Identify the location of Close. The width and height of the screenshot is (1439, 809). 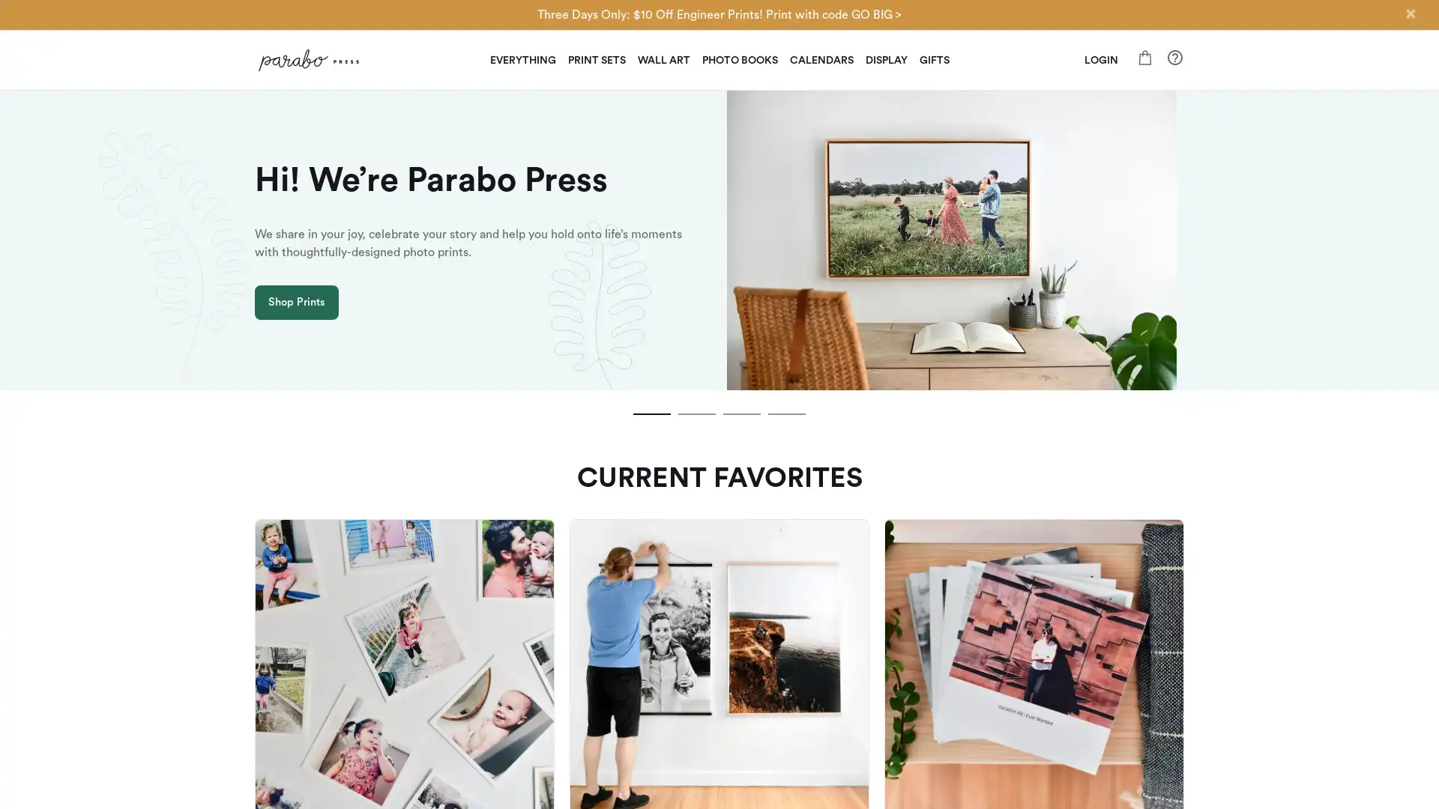
(1409, 13).